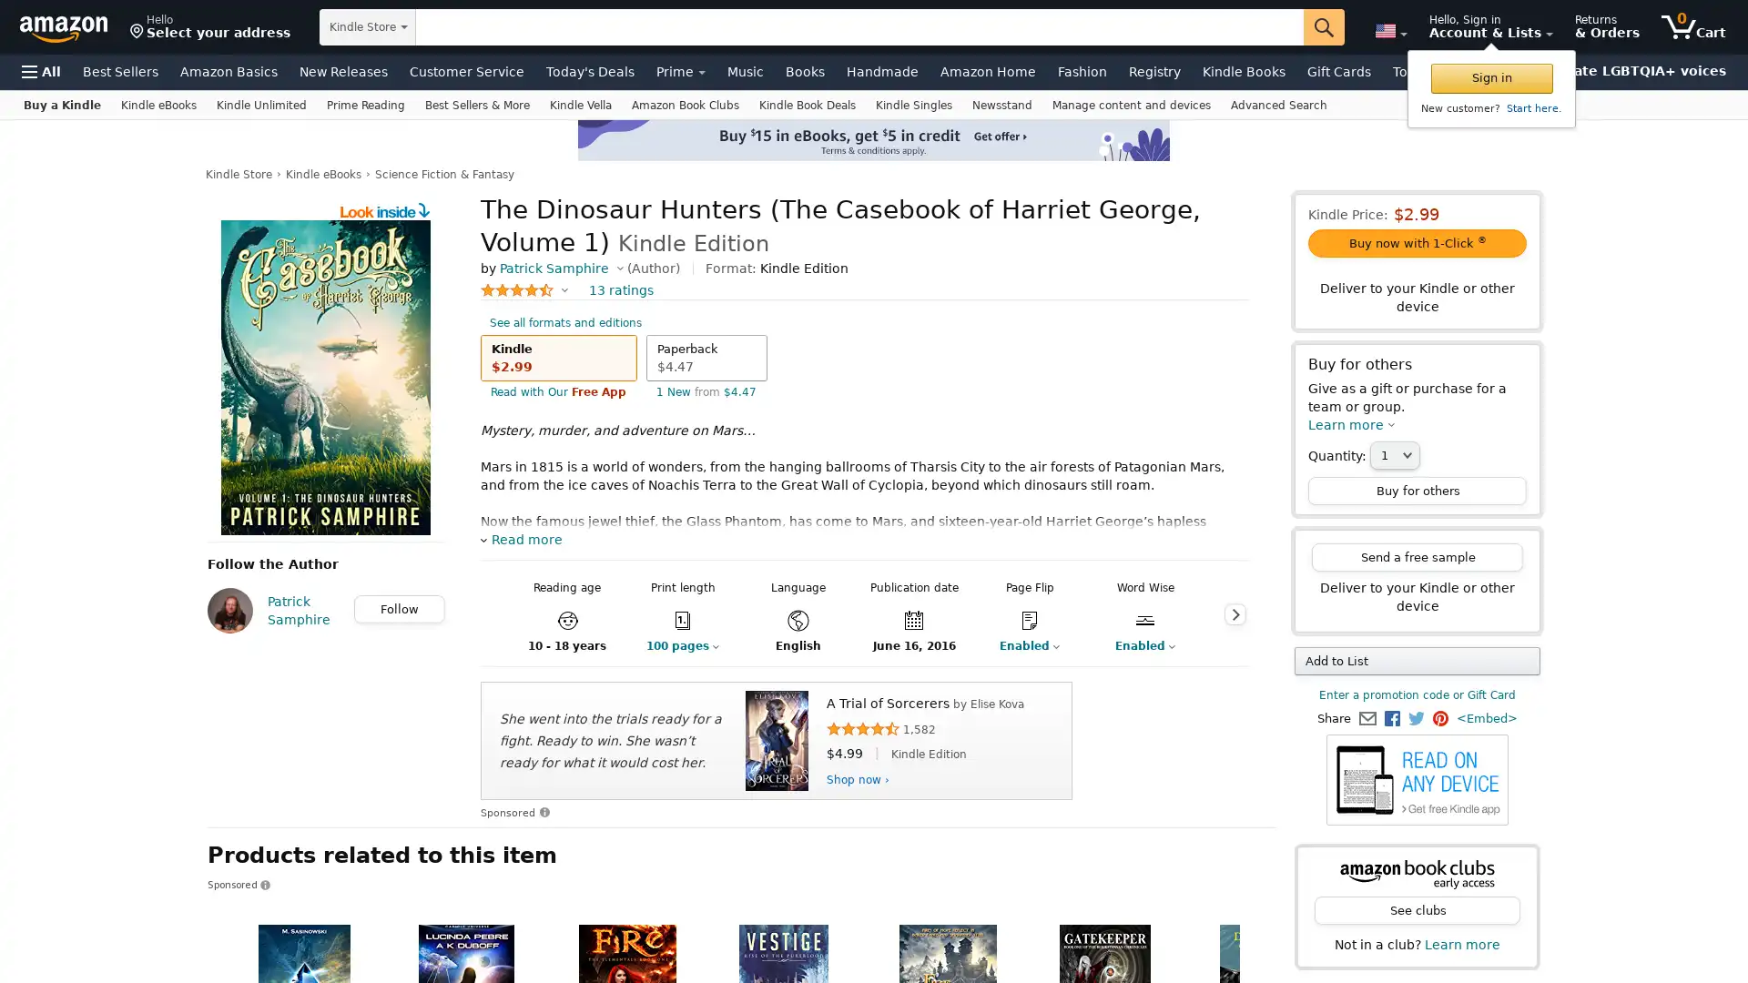  I want to click on Buy for others, so click(1416, 490).